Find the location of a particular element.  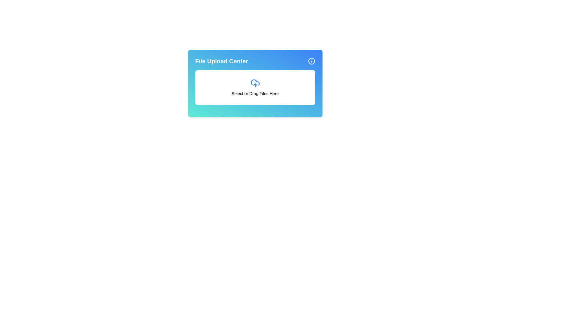

instructions from the text label displaying 'Select or Drag Files Here', which is located within a dashed border section and positioned below the upload cloud icon is located at coordinates (255, 94).